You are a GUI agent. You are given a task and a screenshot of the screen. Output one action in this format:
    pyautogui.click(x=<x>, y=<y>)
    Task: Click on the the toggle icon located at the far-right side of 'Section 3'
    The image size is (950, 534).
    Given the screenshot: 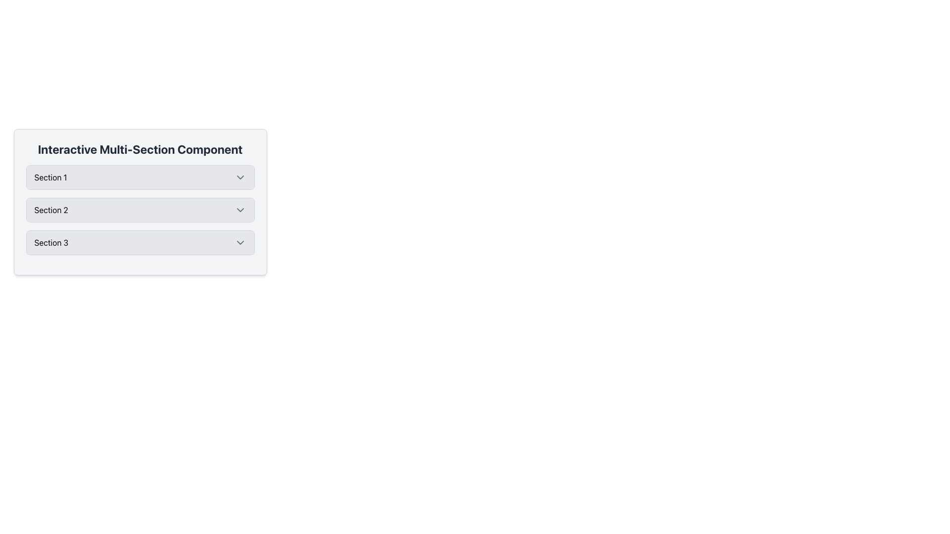 What is the action you would take?
    pyautogui.click(x=240, y=242)
    